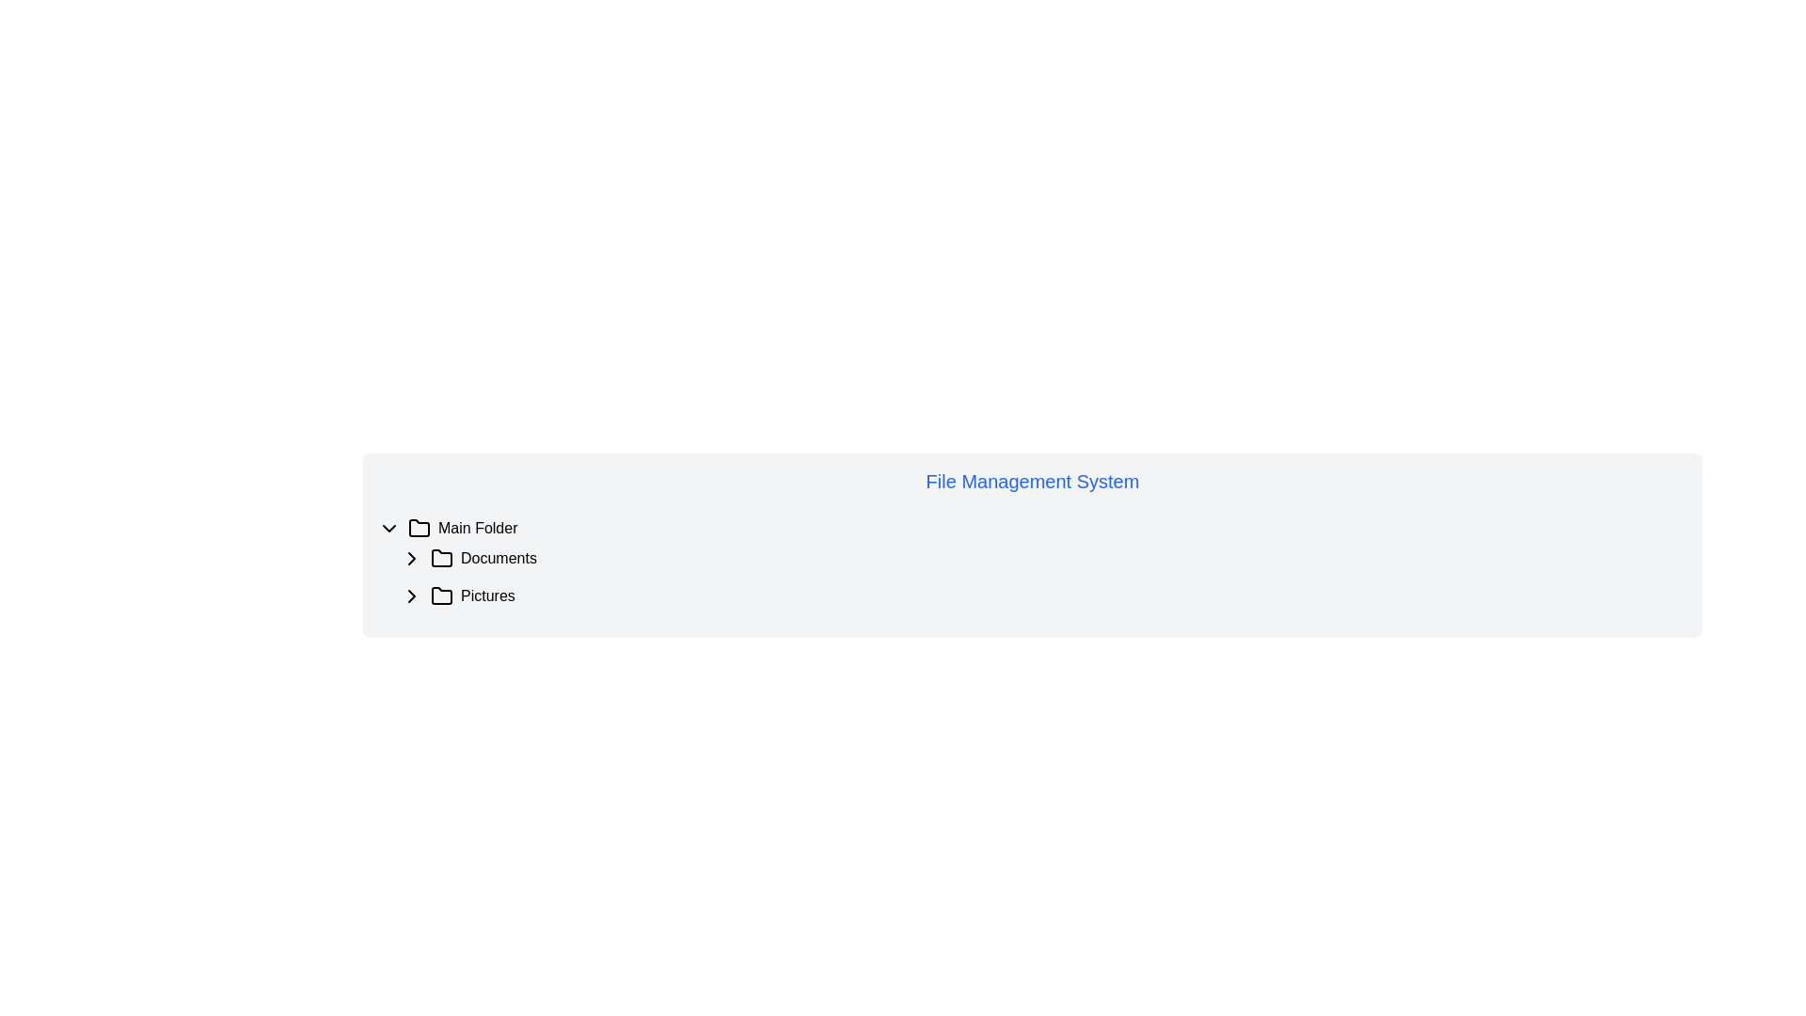  I want to click on the chevron icon next to the 'Pictures' folder, so click(410, 595).